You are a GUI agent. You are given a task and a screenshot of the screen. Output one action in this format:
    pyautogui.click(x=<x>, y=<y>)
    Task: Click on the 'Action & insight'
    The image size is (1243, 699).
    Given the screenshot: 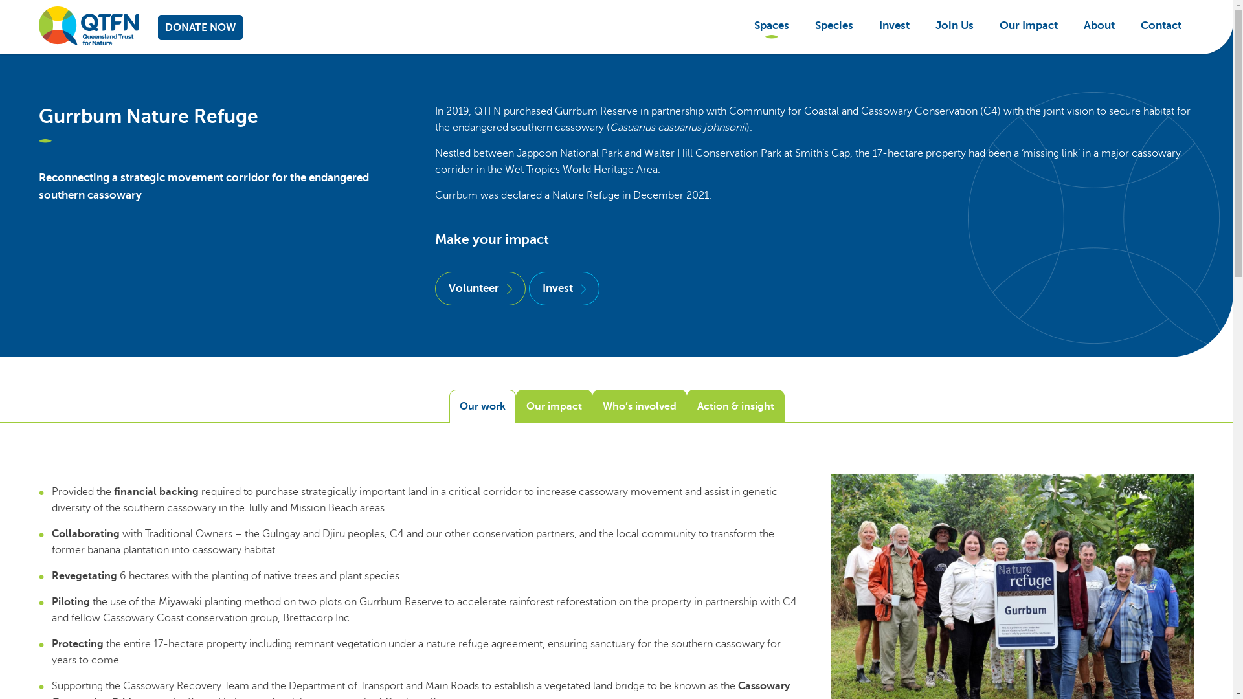 What is the action you would take?
    pyautogui.click(x=735, y=405)
    